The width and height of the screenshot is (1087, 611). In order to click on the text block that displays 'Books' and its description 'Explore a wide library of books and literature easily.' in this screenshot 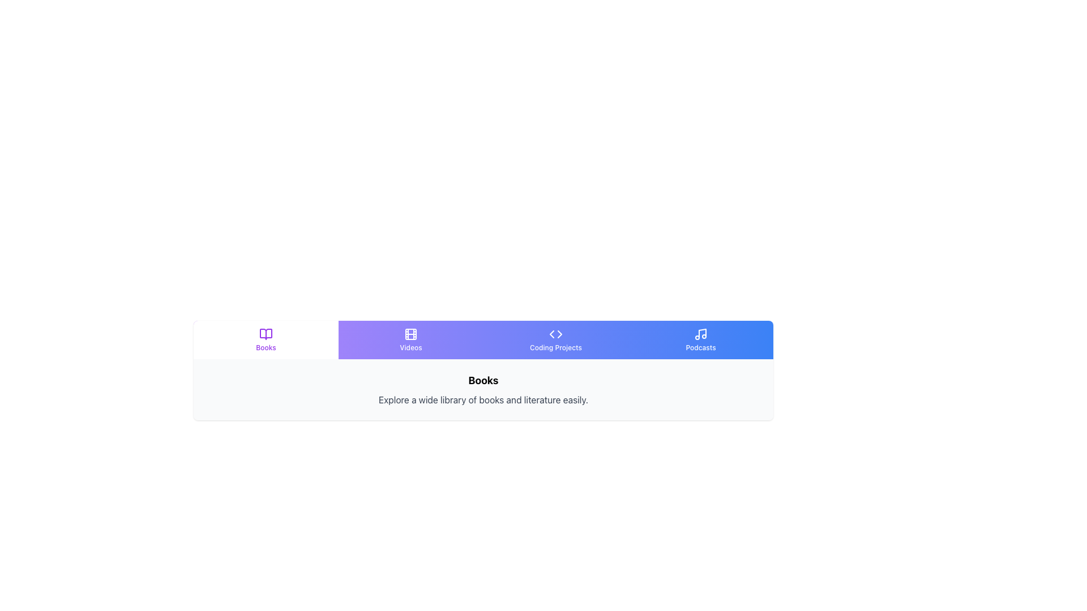, I will do `click(483, 389)`.